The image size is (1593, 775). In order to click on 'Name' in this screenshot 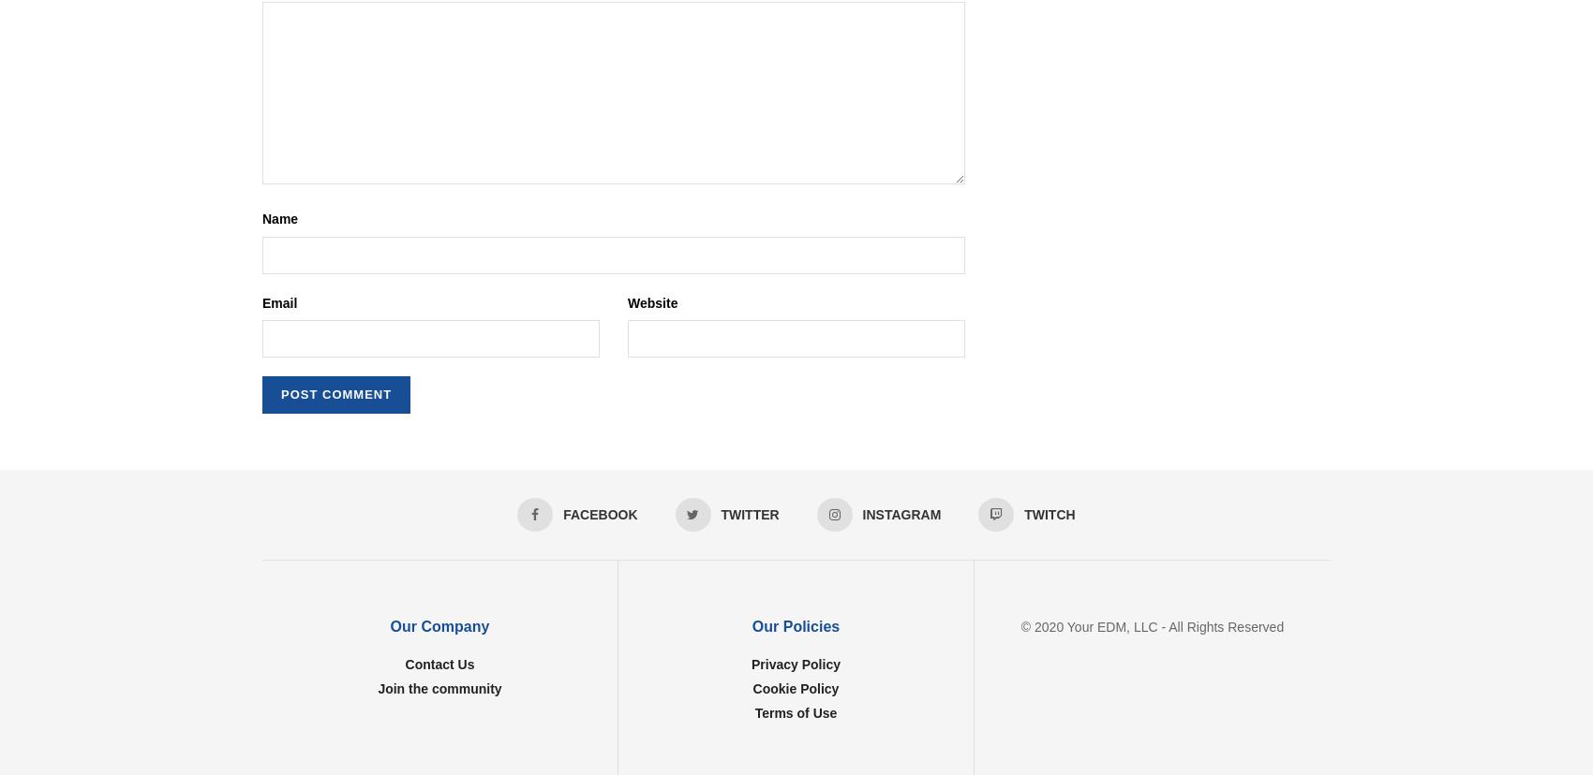, I will do `click(280, 218)`.